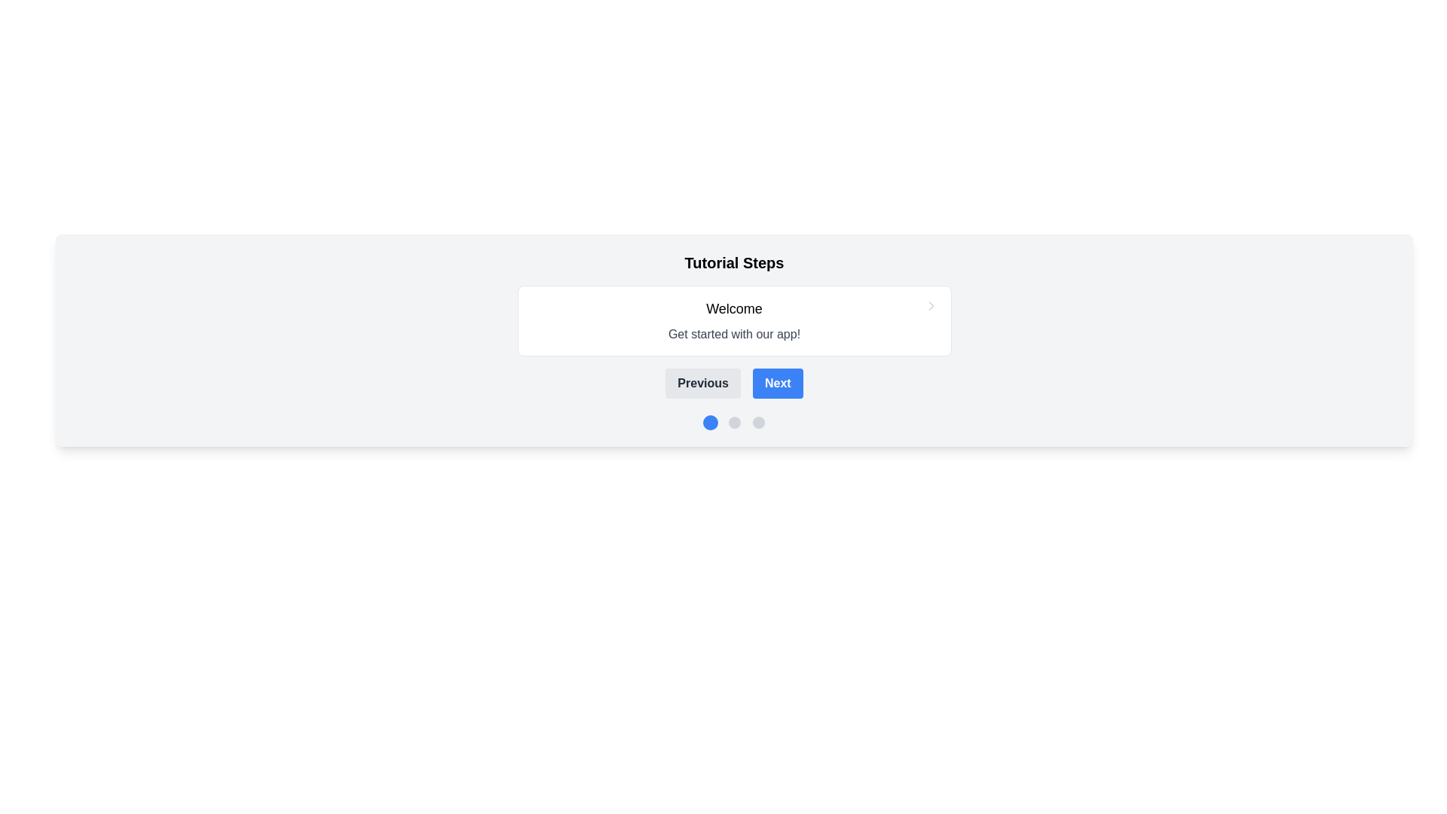  Describe the element at coordinates (734, 262) in the screenshot. I see `the text label or heading that contains 'Tutorial Steps', which is styled in bold and enlarged font and located at the upper part of a centralized section with a light gray background` at that location.